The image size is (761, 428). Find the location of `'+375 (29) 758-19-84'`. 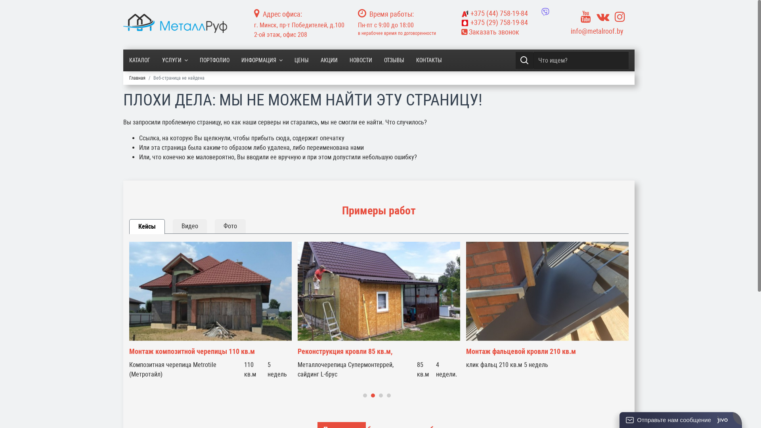

'+375 (29) 758-19-84' is located at coordinates (507, 22).